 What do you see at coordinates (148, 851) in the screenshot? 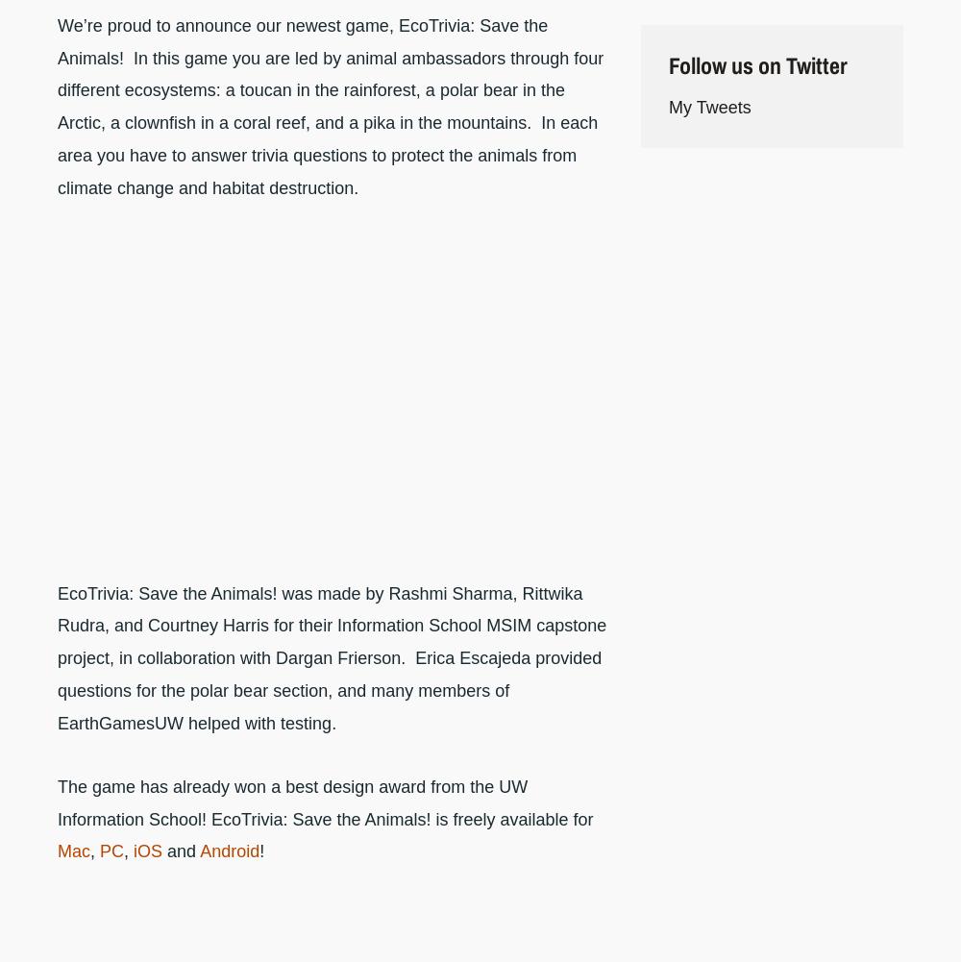
I see `'iOS'` at bounding box center [148, 851].